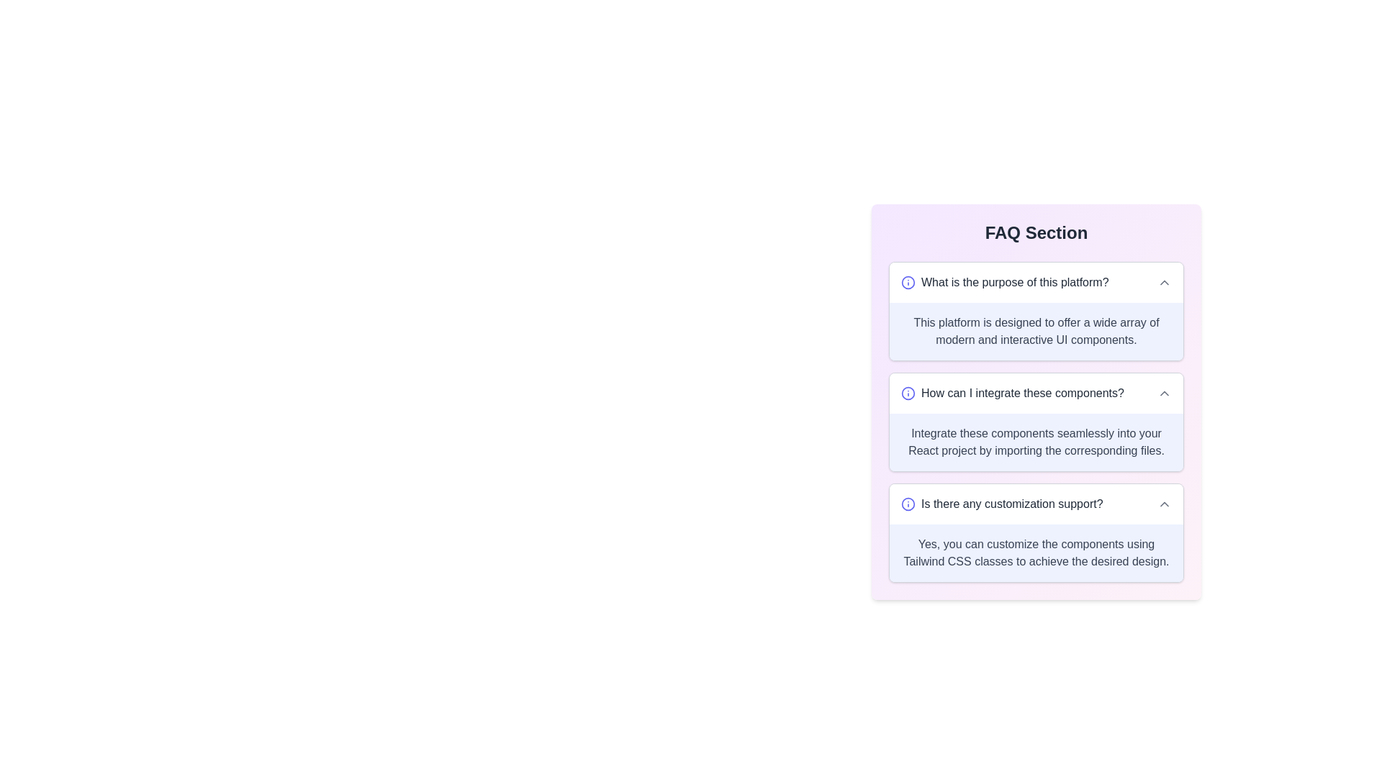  Describe the element at coordinates (1004, 283) in the screenshot. I see `the information icon adjacent to the question text 'What is the purpose of this platform?'` at that location.